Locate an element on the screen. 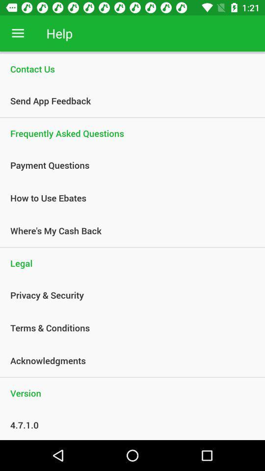 This screenshot has height=471, width=265. the how to use icon is located at coordinates (127, 197).